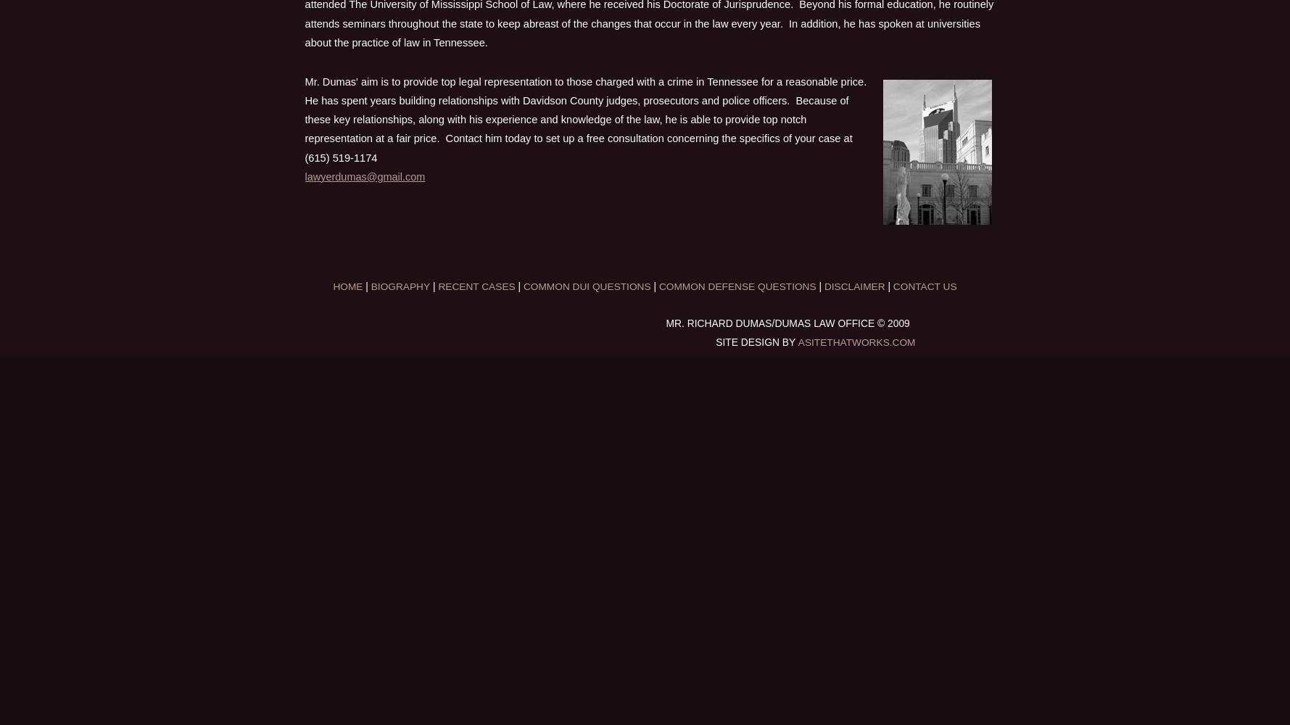 The image size is (1290, 725). I want to click on 'Common DUI Questions', so click(523, 286).